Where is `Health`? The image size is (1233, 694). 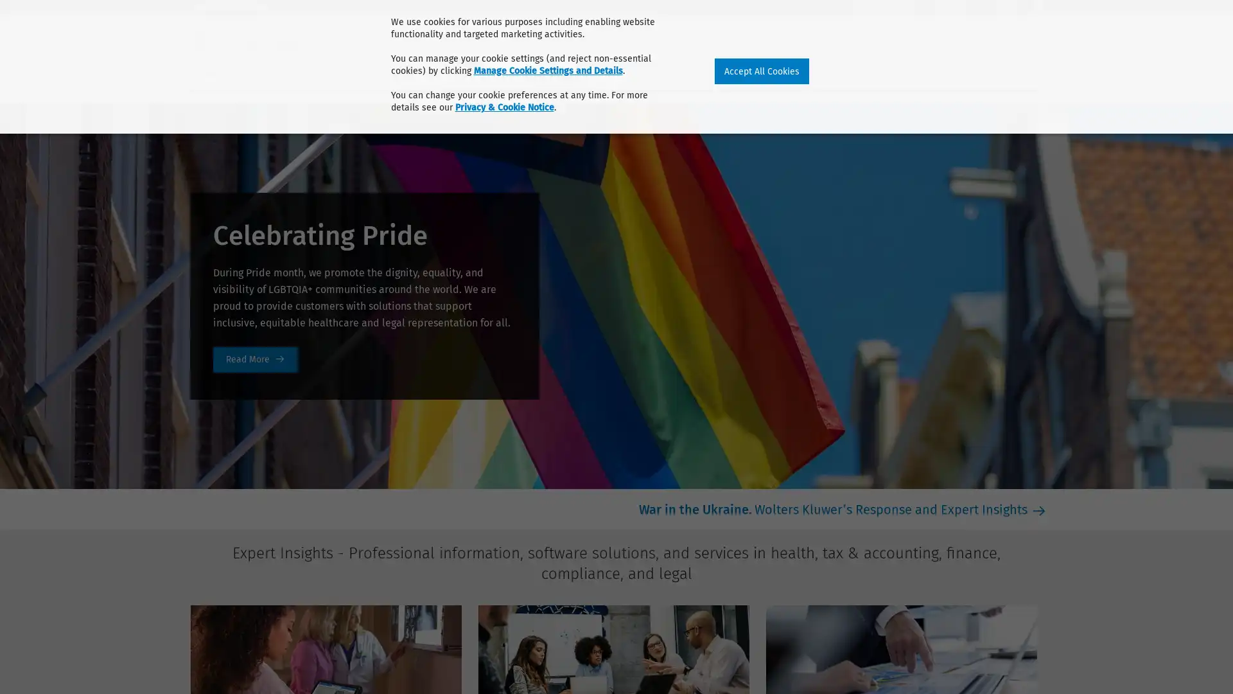 Health is located at coordinates (209, 72).